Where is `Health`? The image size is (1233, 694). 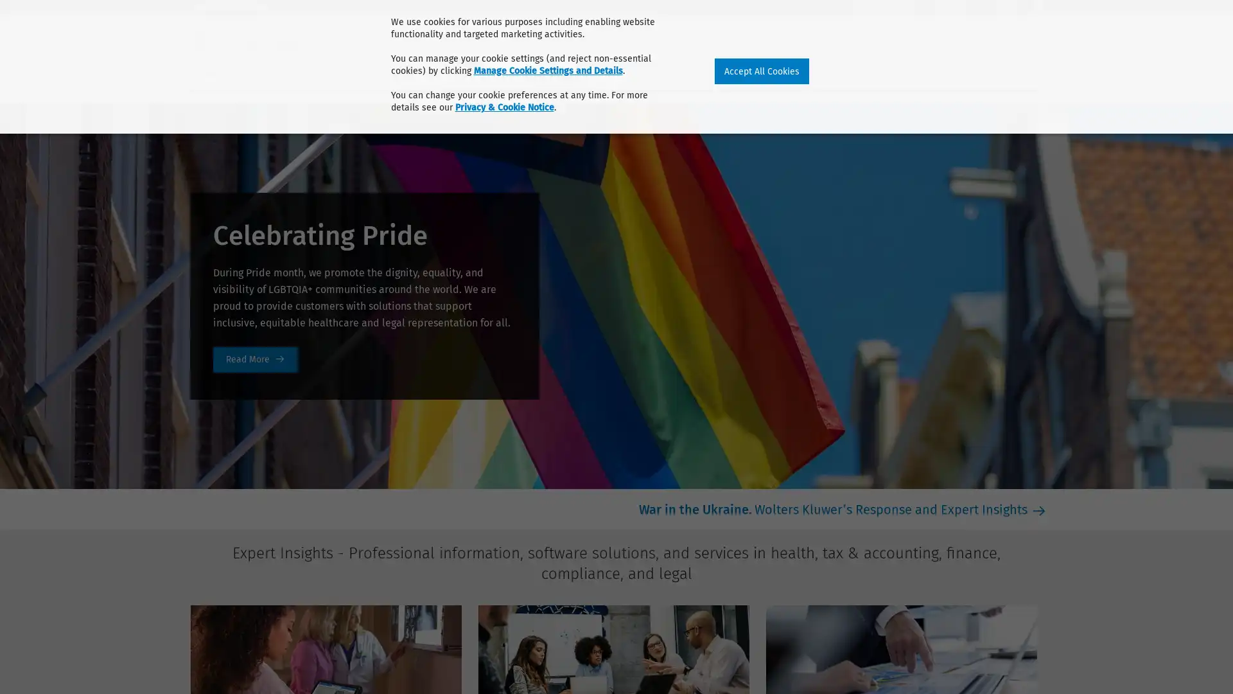 Health is located at coordinates (209, 72).